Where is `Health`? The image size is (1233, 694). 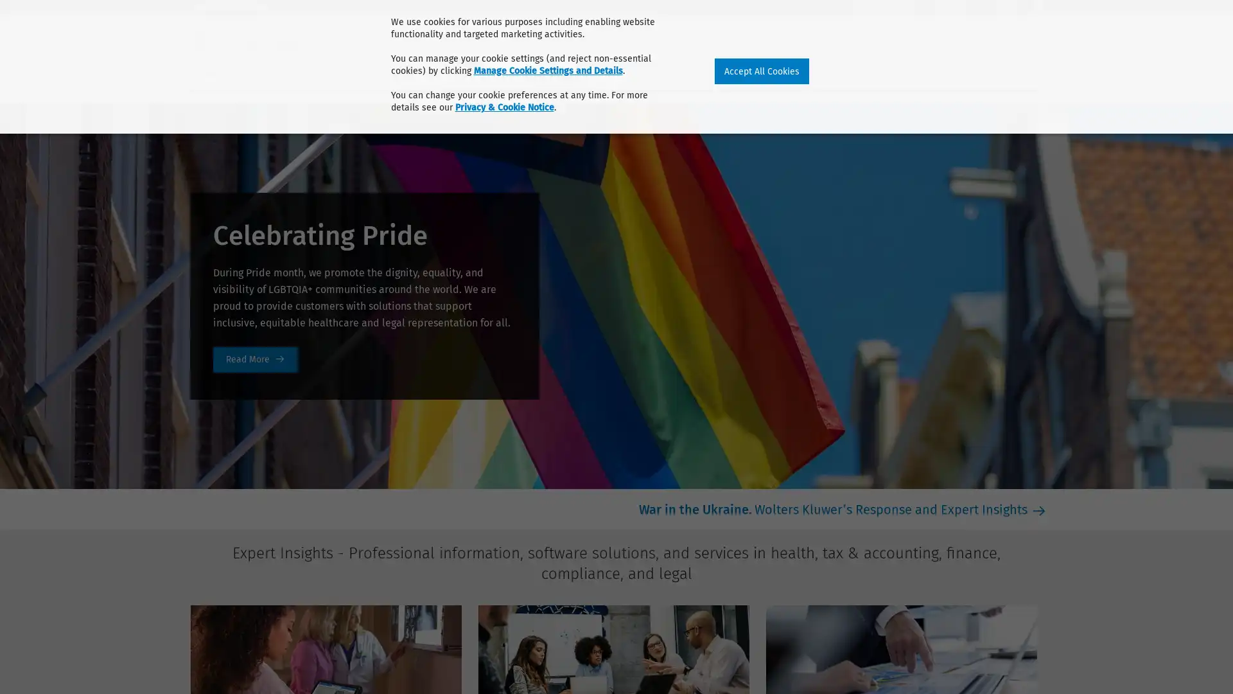 Health is located at coordinates (209, 72).